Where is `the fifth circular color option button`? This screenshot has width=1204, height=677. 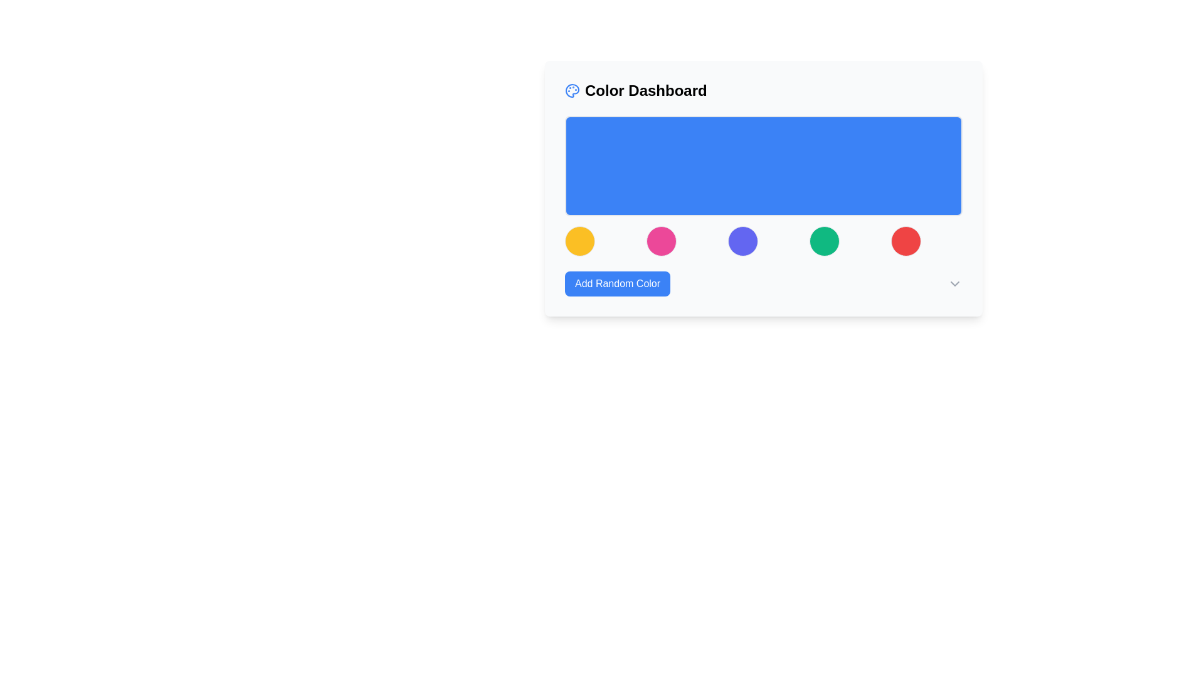 the fifth circular color option button is located at coordinates (906, 241).